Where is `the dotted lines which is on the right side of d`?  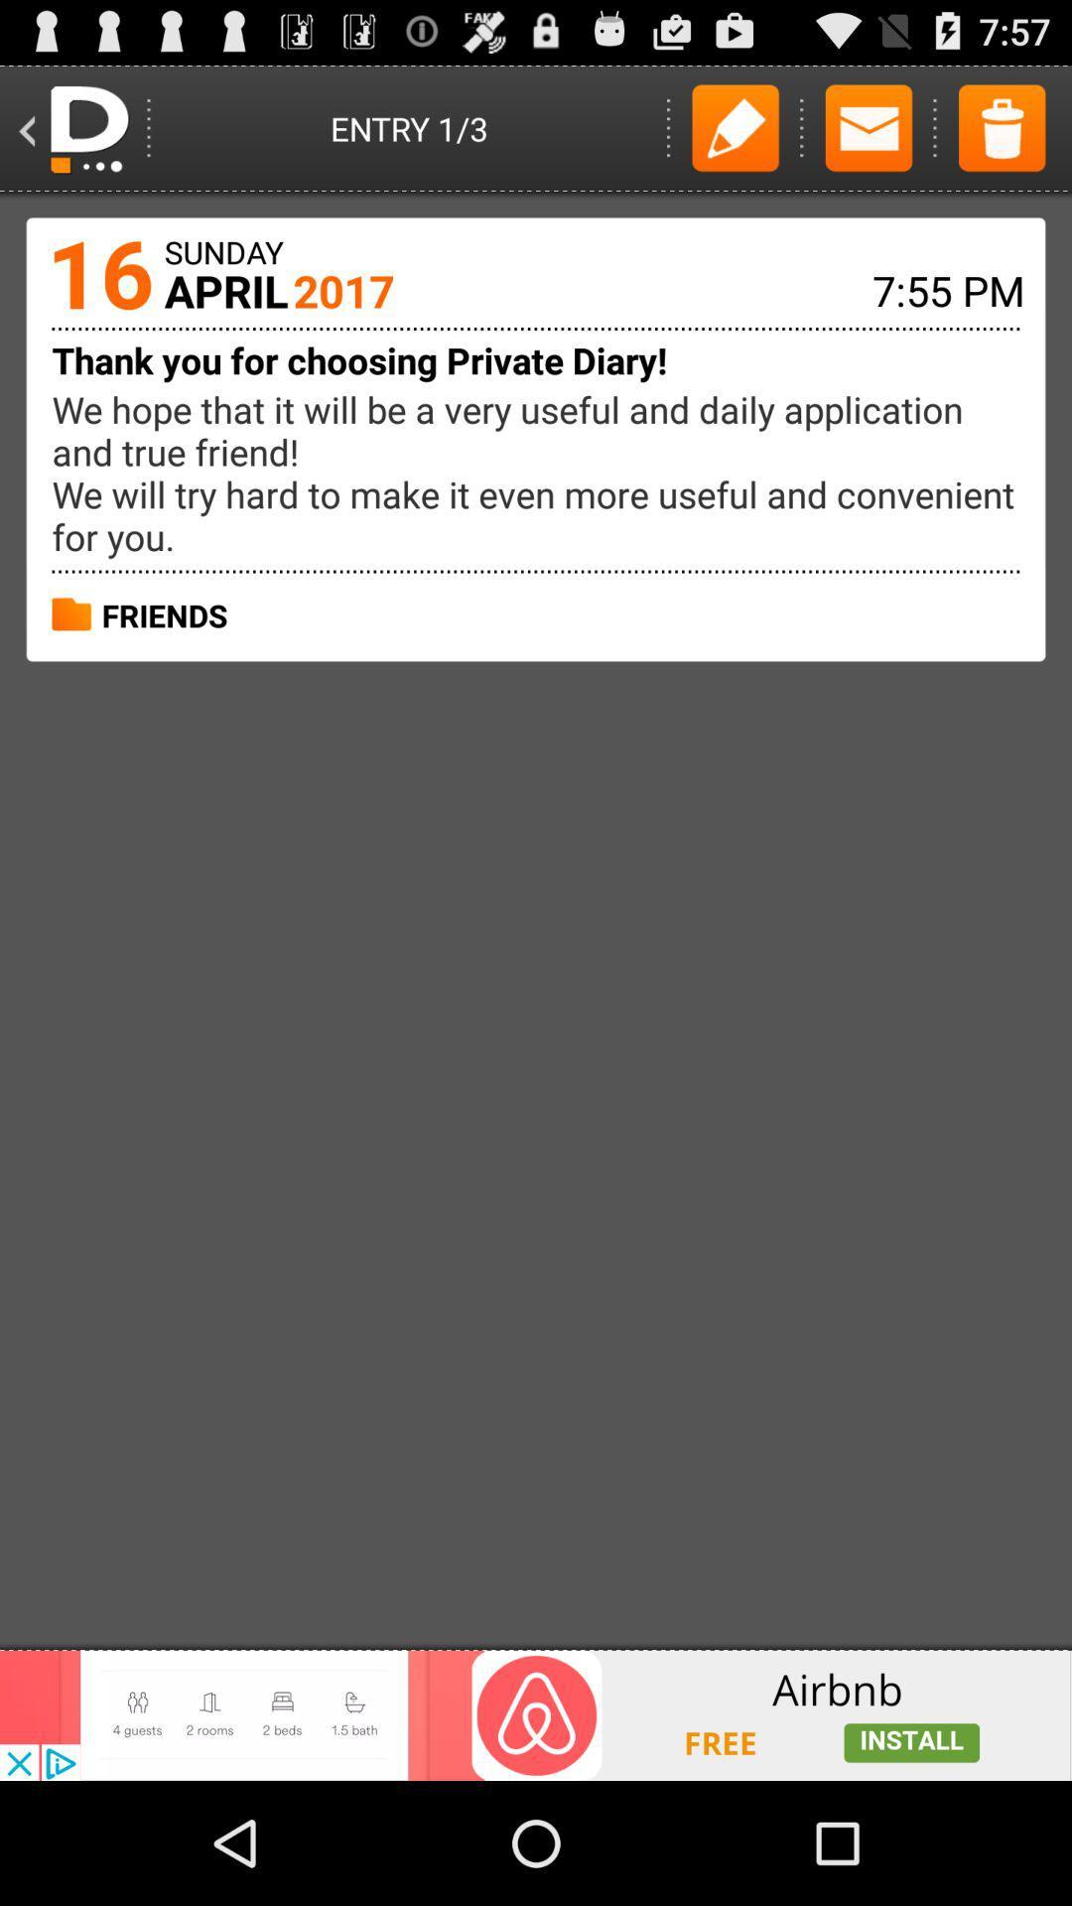
the dotted lines which is on the right side of d is located at coordinates (148, 127).